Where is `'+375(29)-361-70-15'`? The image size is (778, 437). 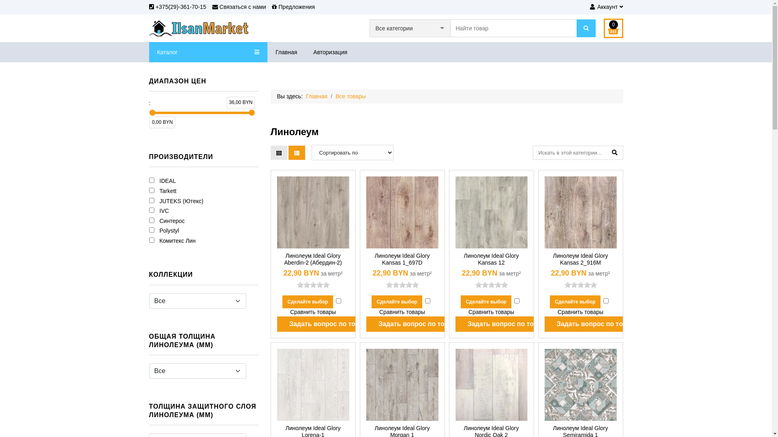 '+375(29)-361-70-15' is located at coordinates (177, 6).